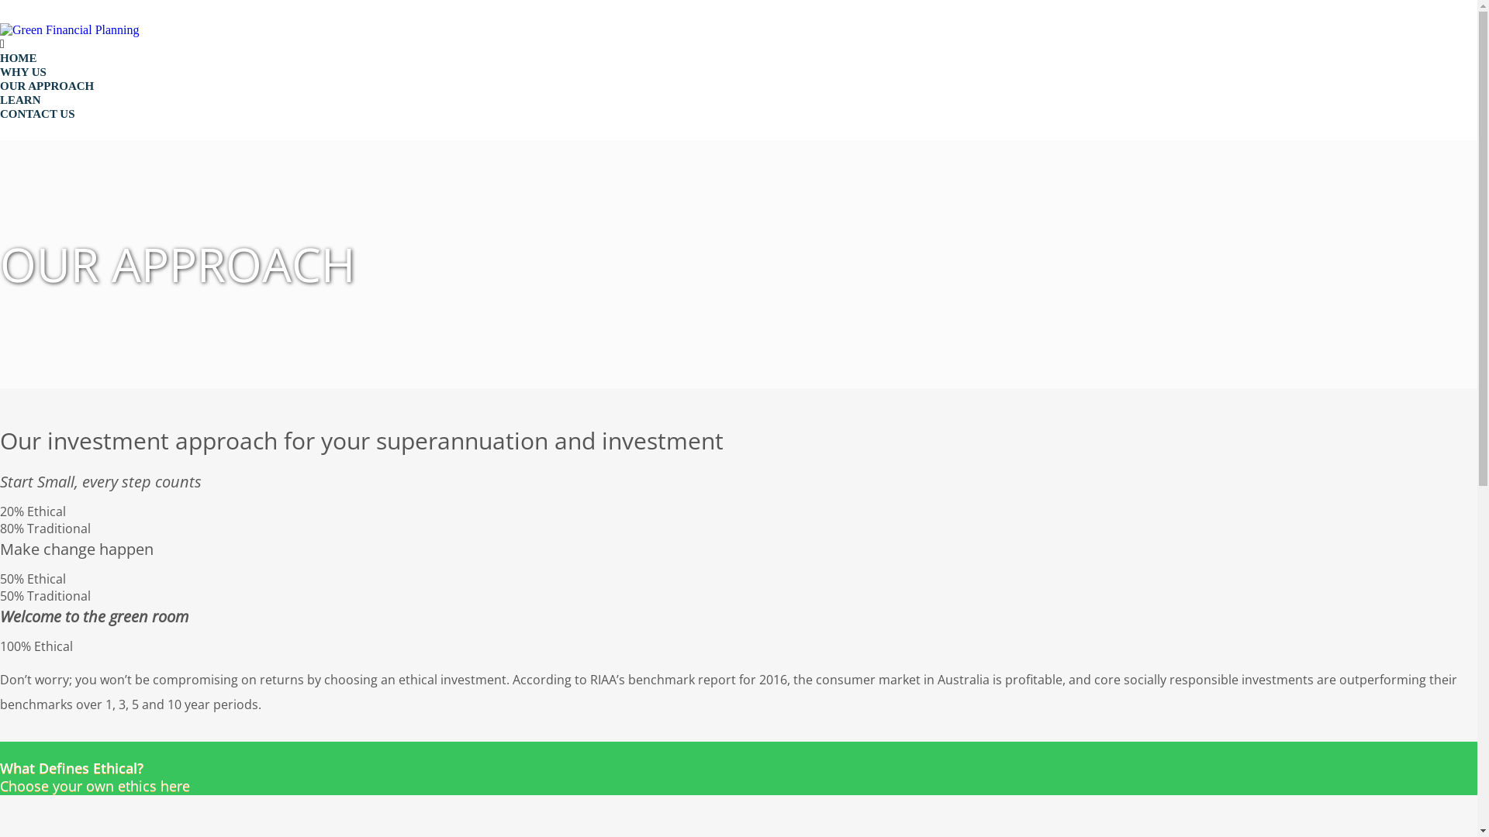 This screenshot has width=1489, height=837. I want to click on 'OUR APPROACH', so click(47, 86).